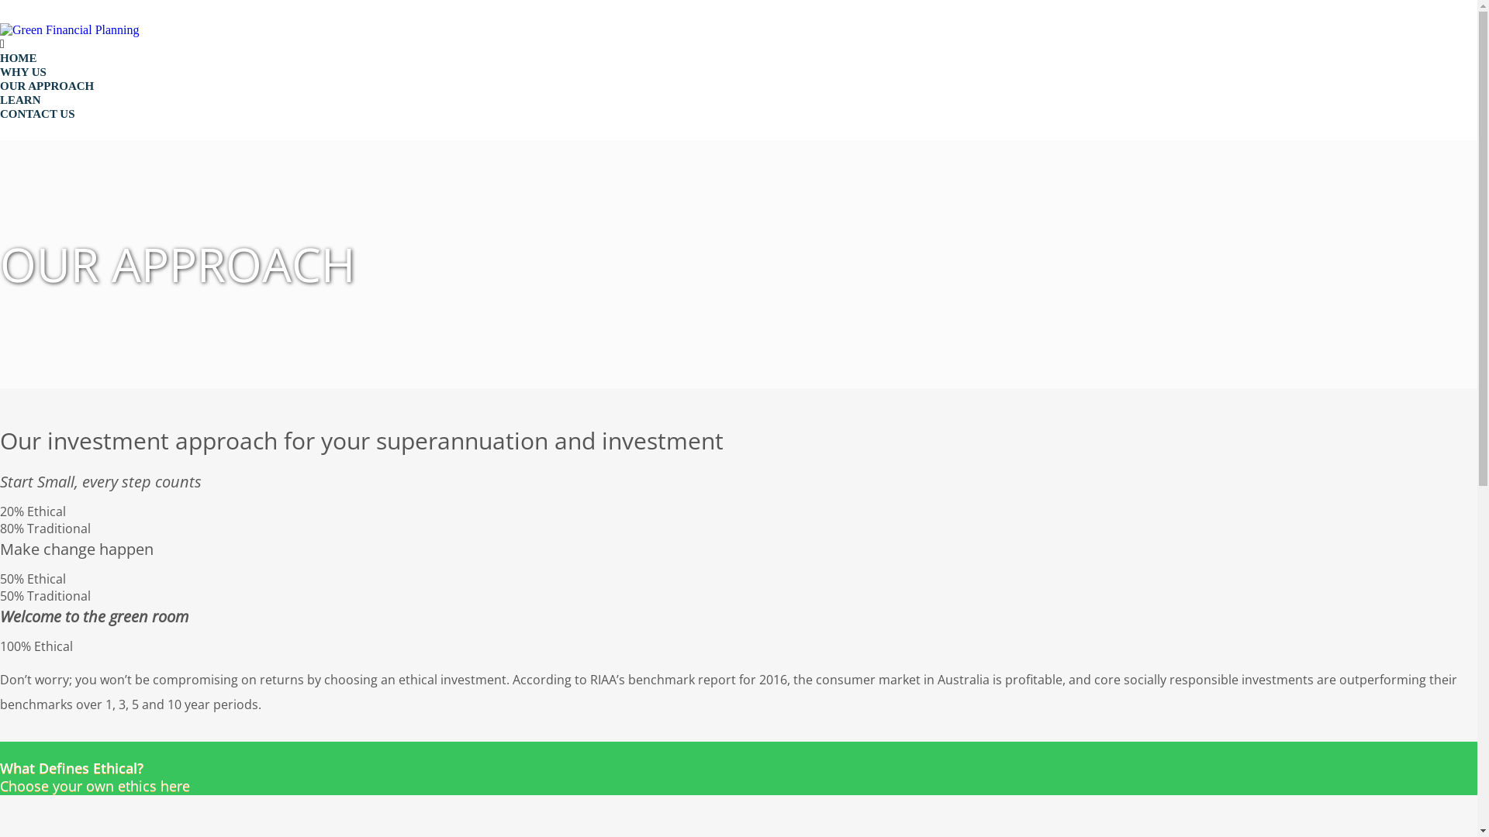 This screenshot has width=1489, height=837. I want to click on 'OUR APPROACH', so click(47, 86).